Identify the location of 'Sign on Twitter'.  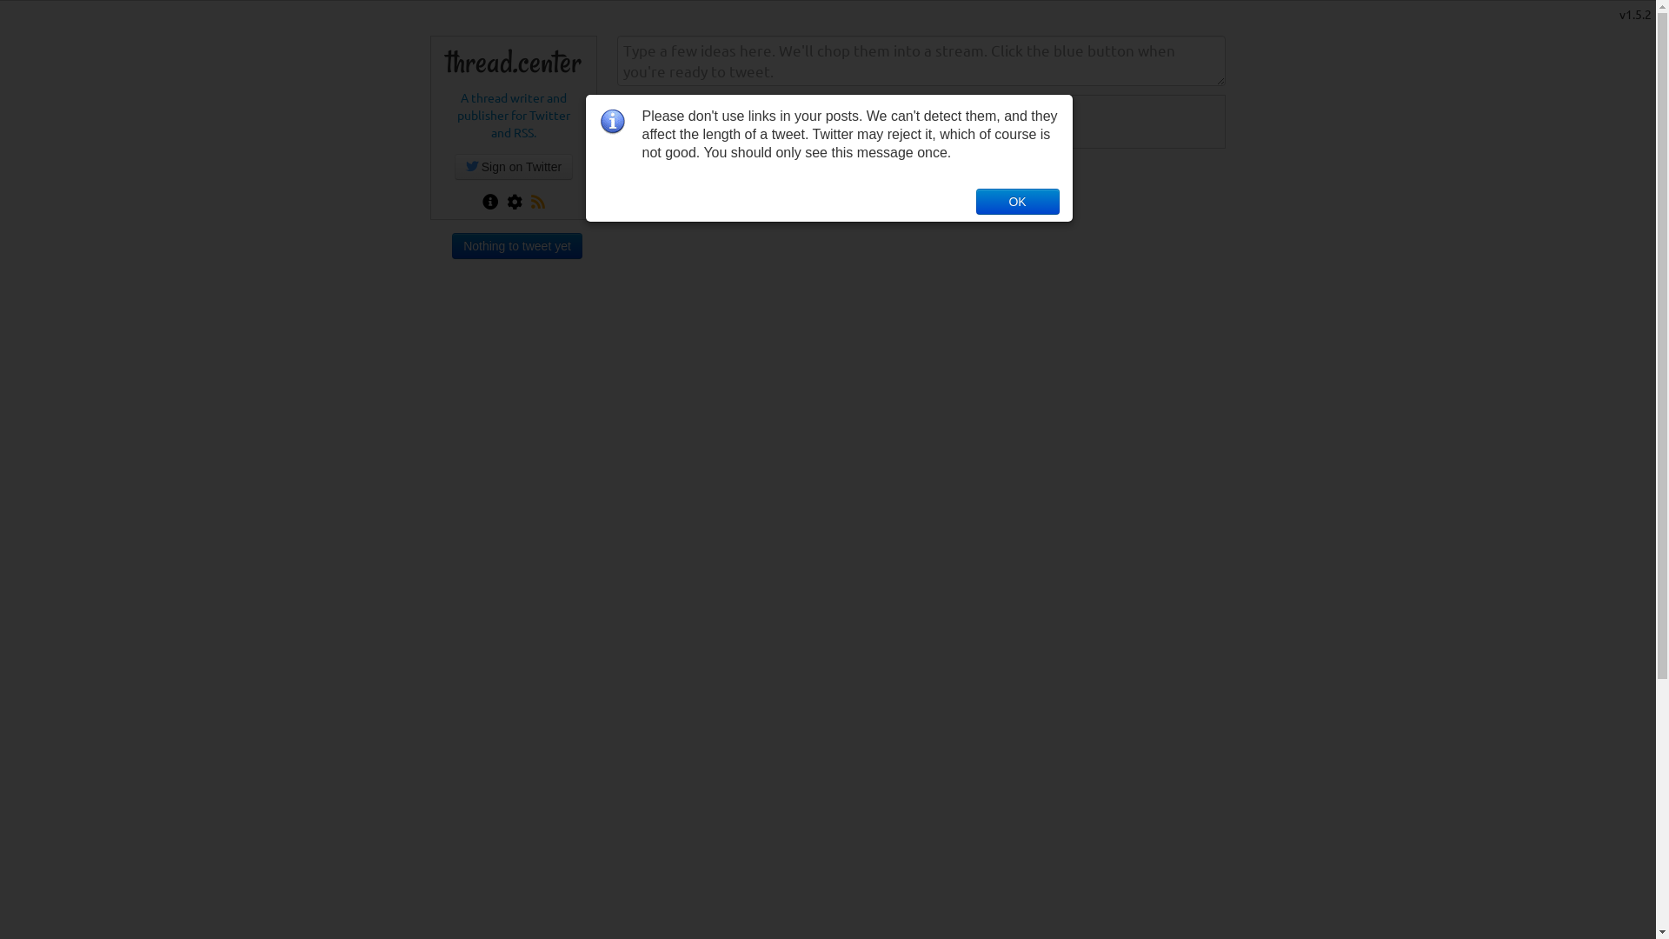
(512, 167).